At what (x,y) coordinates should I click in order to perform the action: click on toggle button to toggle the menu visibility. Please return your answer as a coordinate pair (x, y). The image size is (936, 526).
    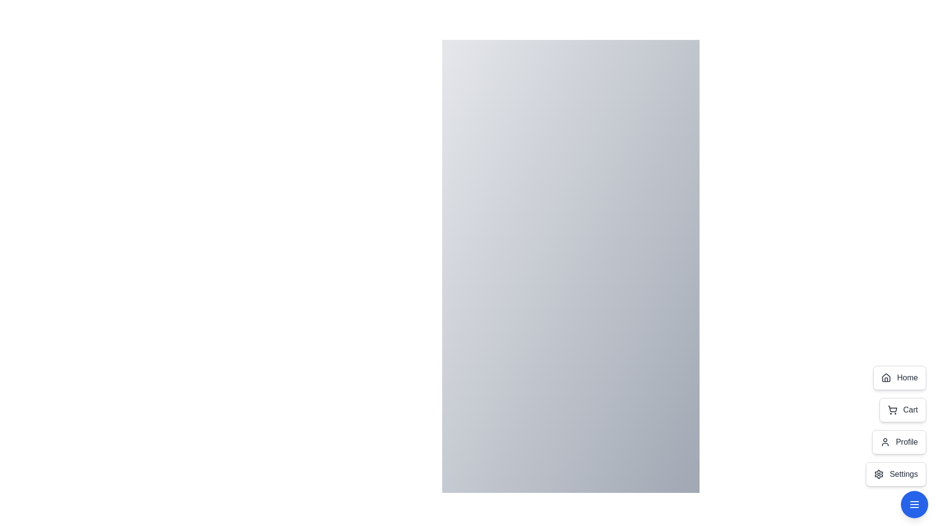
    Looking at the image, I should click on (914, 504).